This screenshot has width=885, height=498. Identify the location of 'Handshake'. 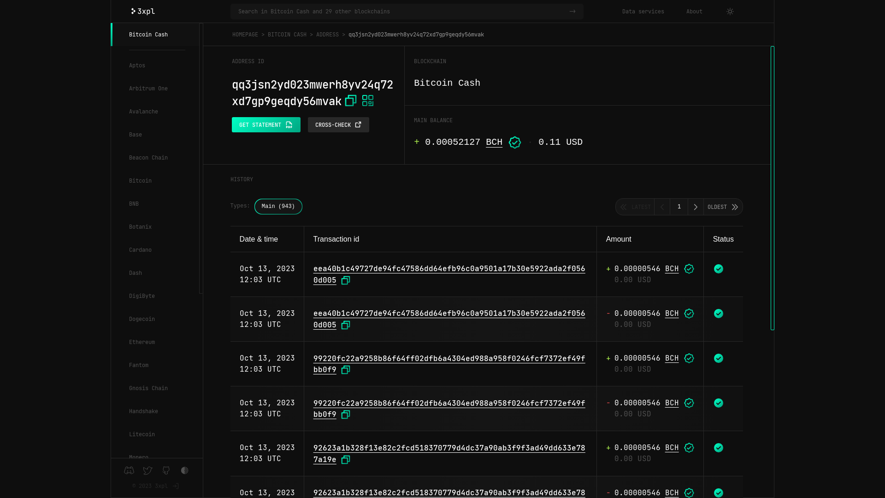
(155, 410).